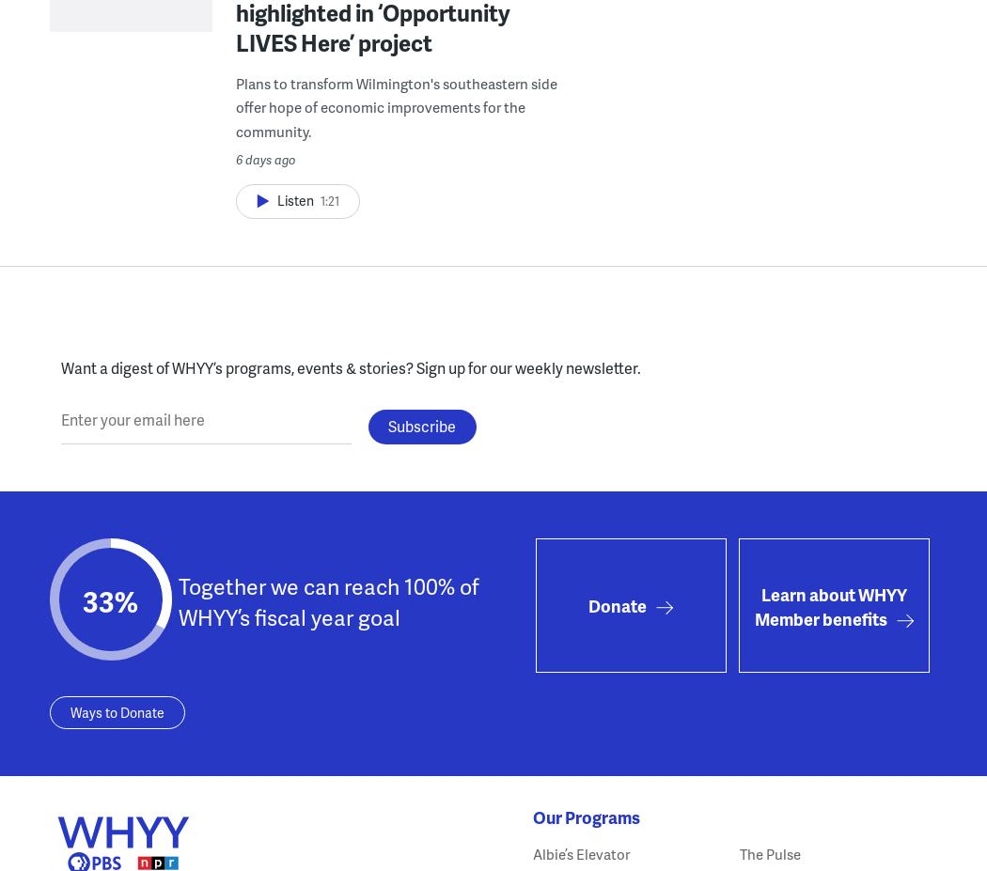 Image resolution: width=987 pixels, height=871 pixels. What do you see at coordinates (752, 604) in the screenshot?
I see `'Learn about WHYY Member benefits'` at bounding box center [752, 604].